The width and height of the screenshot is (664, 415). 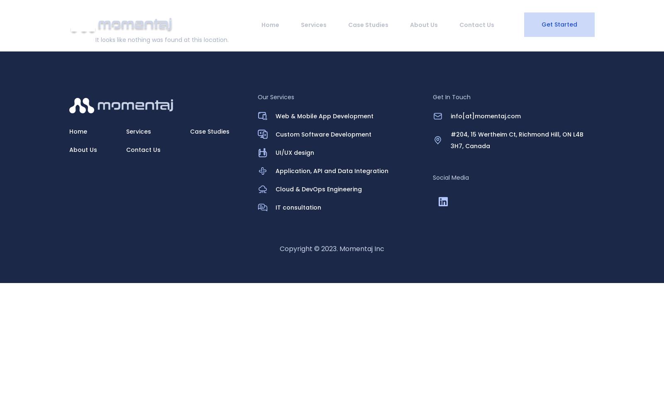 What do you see at coordinates (559, 24) in the screenshot?
I see `'Get Started'` at bounding box center [559, 24].